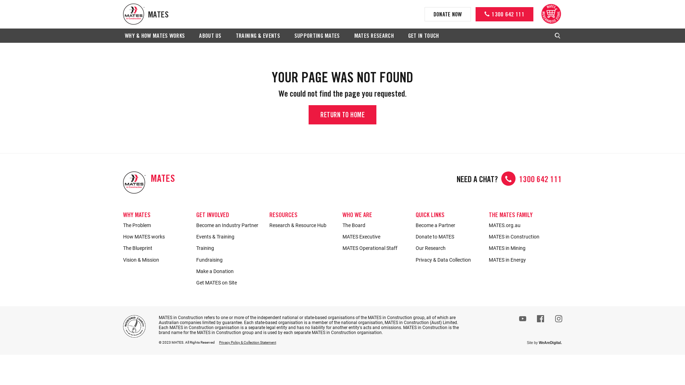 This screenshot has width=685, height=385. I want to click on 'MATES in Mining', so click(522, 247).